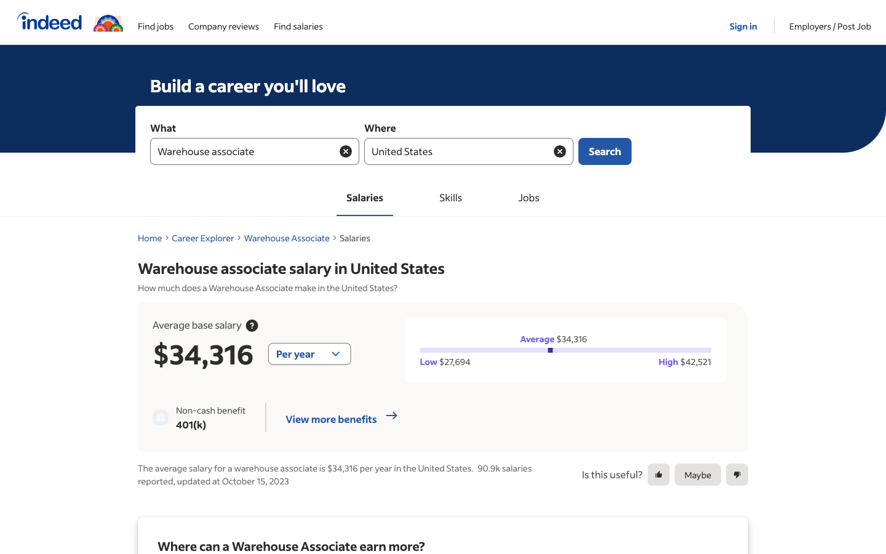 This screenshot has width=886, height=554. Describe the element at coordinates (658, 474) in the screenshot. I see `Validate the proposed recommendation by affirming` at that location.